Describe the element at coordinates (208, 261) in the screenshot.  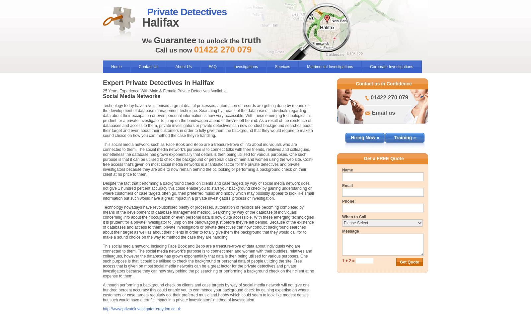
I see `'This social media network, including Face Book and Bebo are a treasure-trove of data about individuals who are connected to them. The social media network’s purpose is to connect men and women with their buddies, relatives and colleagues, however the database has grown exponentially that data is then being utilised for various purposes. One such purpose is that it could be utilised to check the background or personal data of people utilizing the site. Free access that is given on most social media networks can be a great factor for the private detectives and private investigators because they can now stay behind the pc searching or performing a background check on their client at no expense to them.'` at that location.